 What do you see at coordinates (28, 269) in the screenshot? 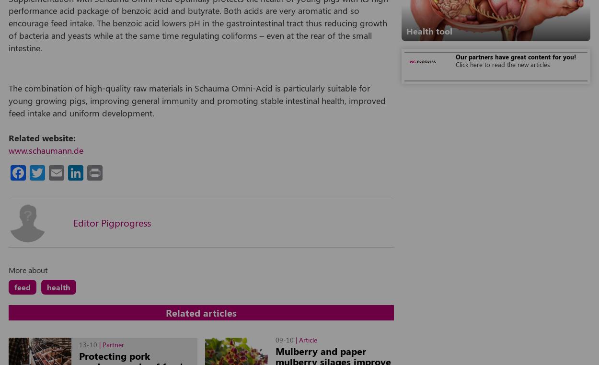
I see `'More about'` at bounding box center [28, 269].